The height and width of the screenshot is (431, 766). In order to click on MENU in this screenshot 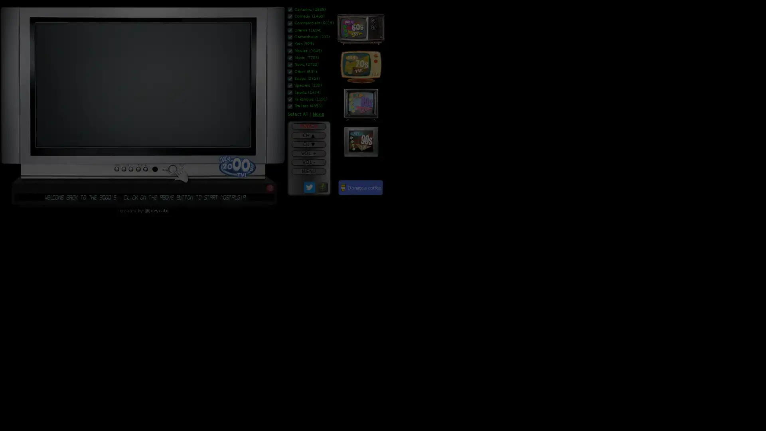, I will do `click(308, 170)`.